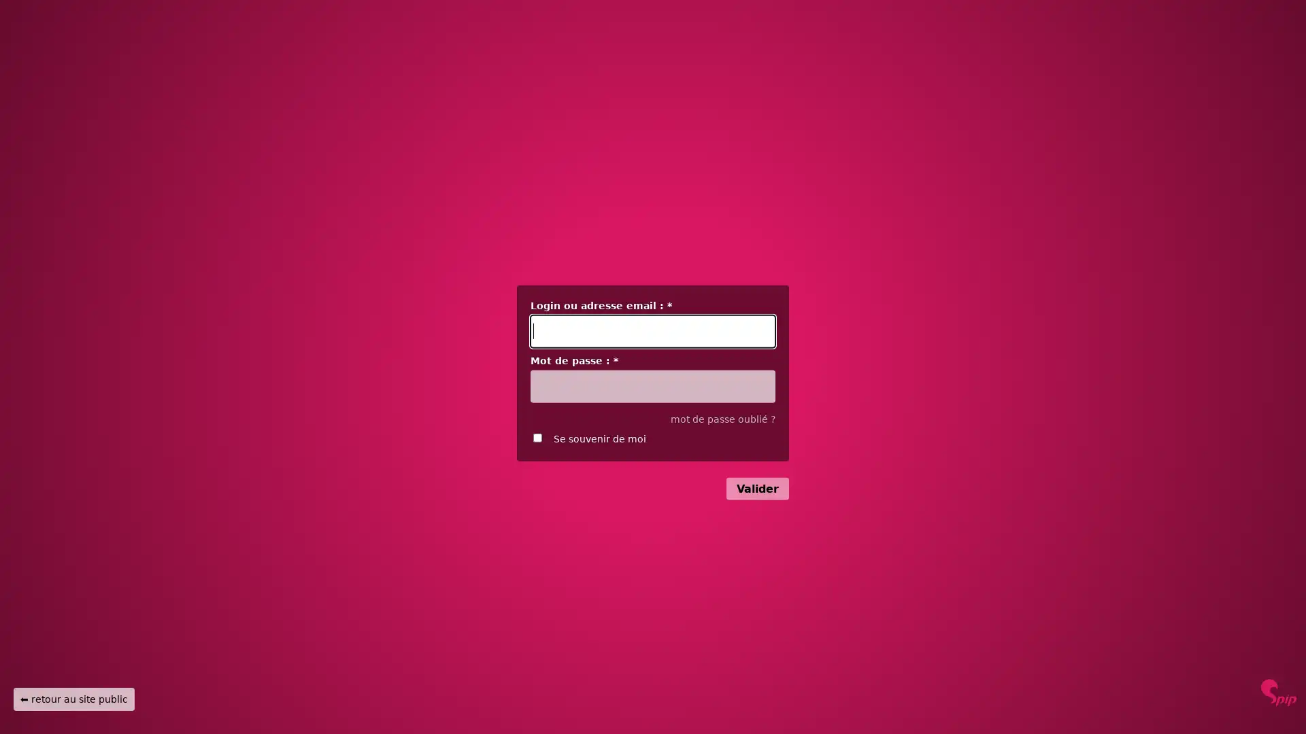  I want to click on Valider, so click(756, 488).